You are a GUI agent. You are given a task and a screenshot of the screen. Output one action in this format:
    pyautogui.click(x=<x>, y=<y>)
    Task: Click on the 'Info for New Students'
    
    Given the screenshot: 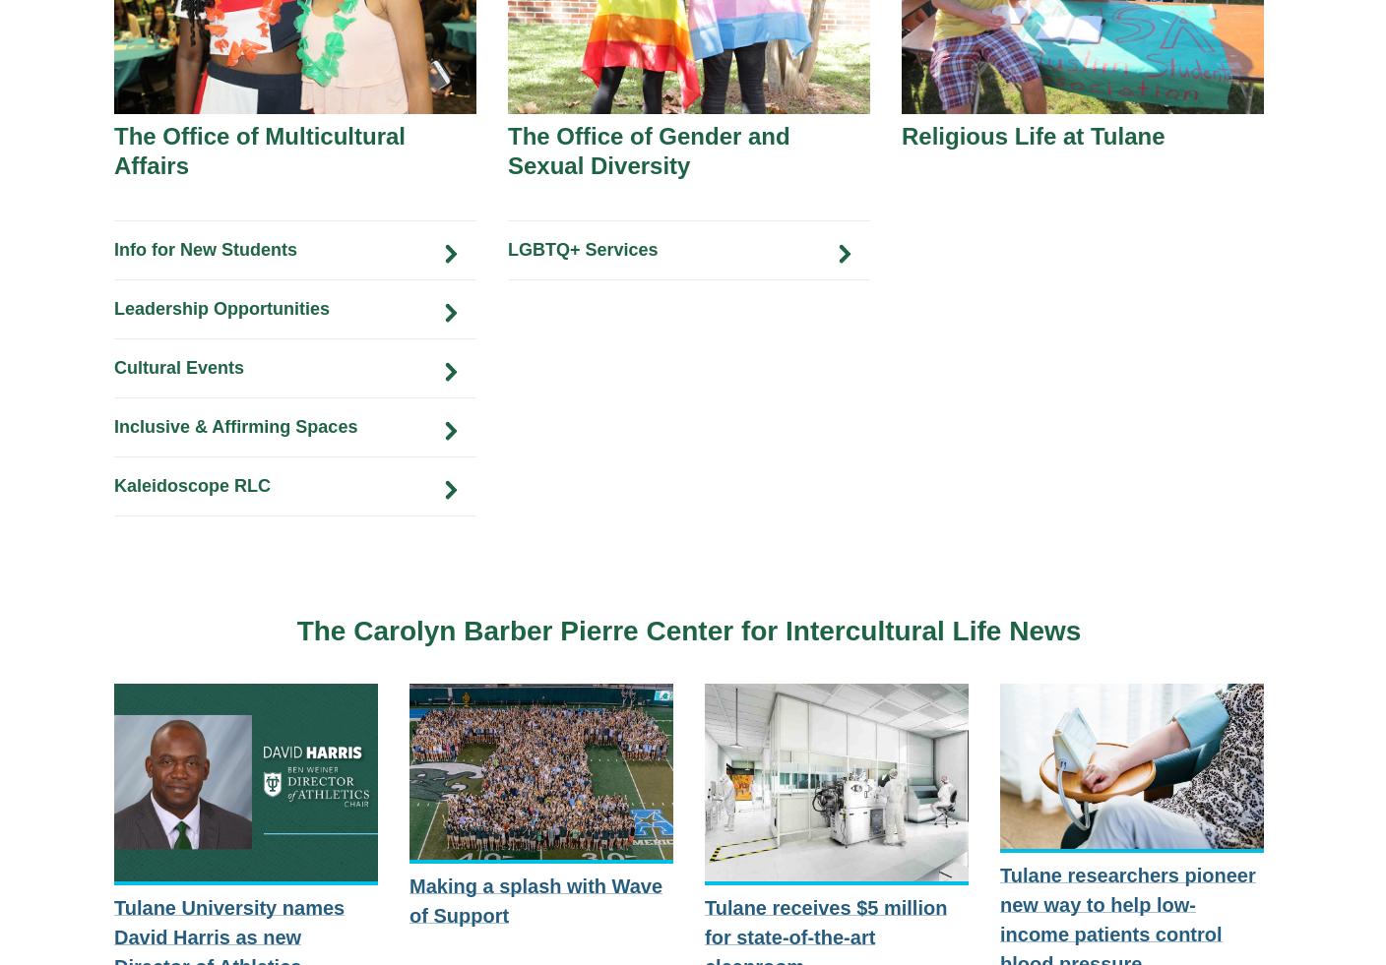 What is the action you would take?
    pyautogui.click(x=204, y=247)
    